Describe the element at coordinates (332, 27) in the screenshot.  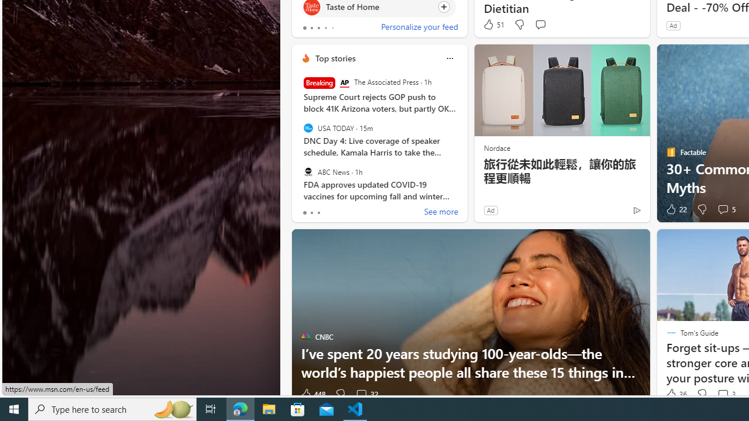
I see `'tab-4'` at that location.